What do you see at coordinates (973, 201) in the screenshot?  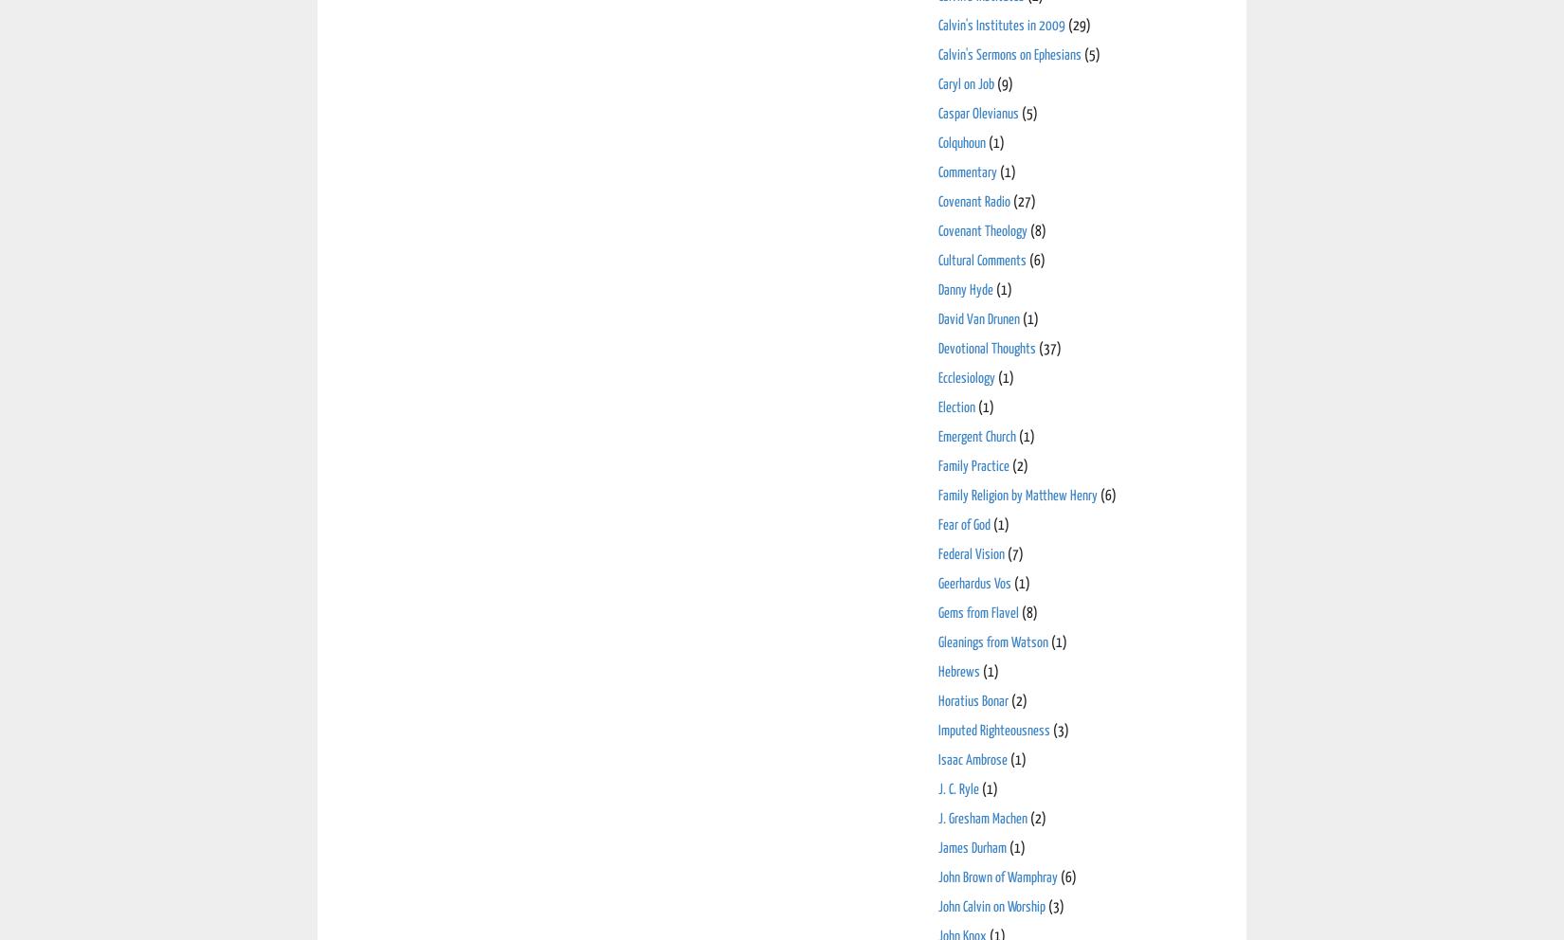 I see `'Covenant Radio'` at bounding box center [973, 201].